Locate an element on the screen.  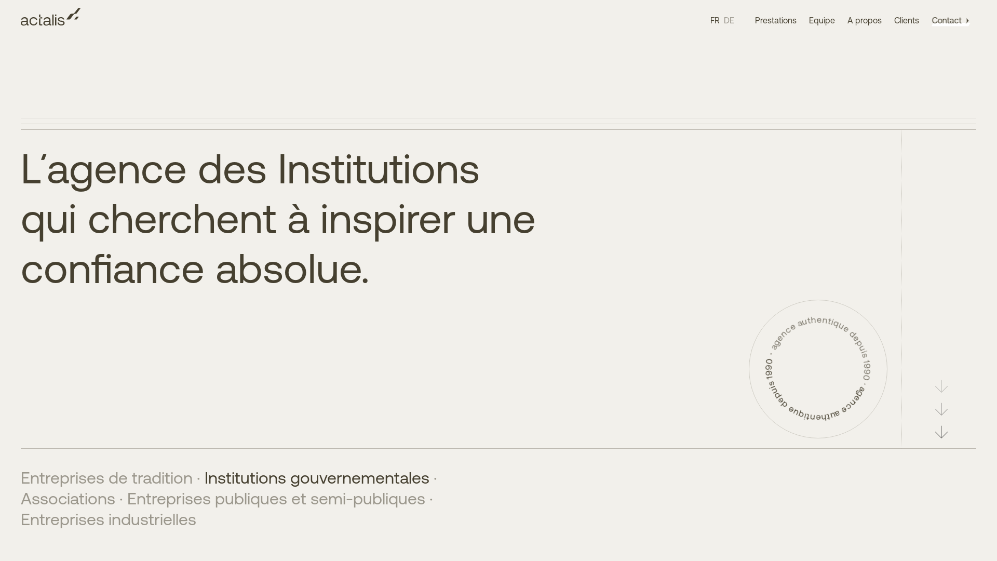
'A propos' is located at coordinates (865, 20).